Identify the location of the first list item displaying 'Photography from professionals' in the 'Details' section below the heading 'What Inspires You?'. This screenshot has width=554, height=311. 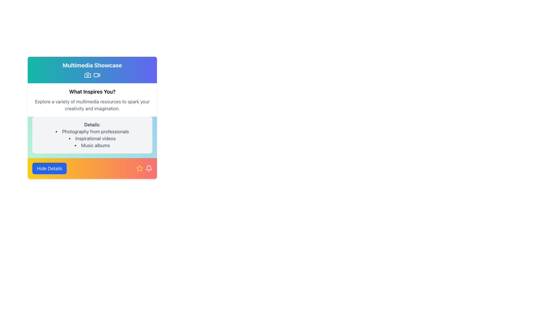
(92, 131).